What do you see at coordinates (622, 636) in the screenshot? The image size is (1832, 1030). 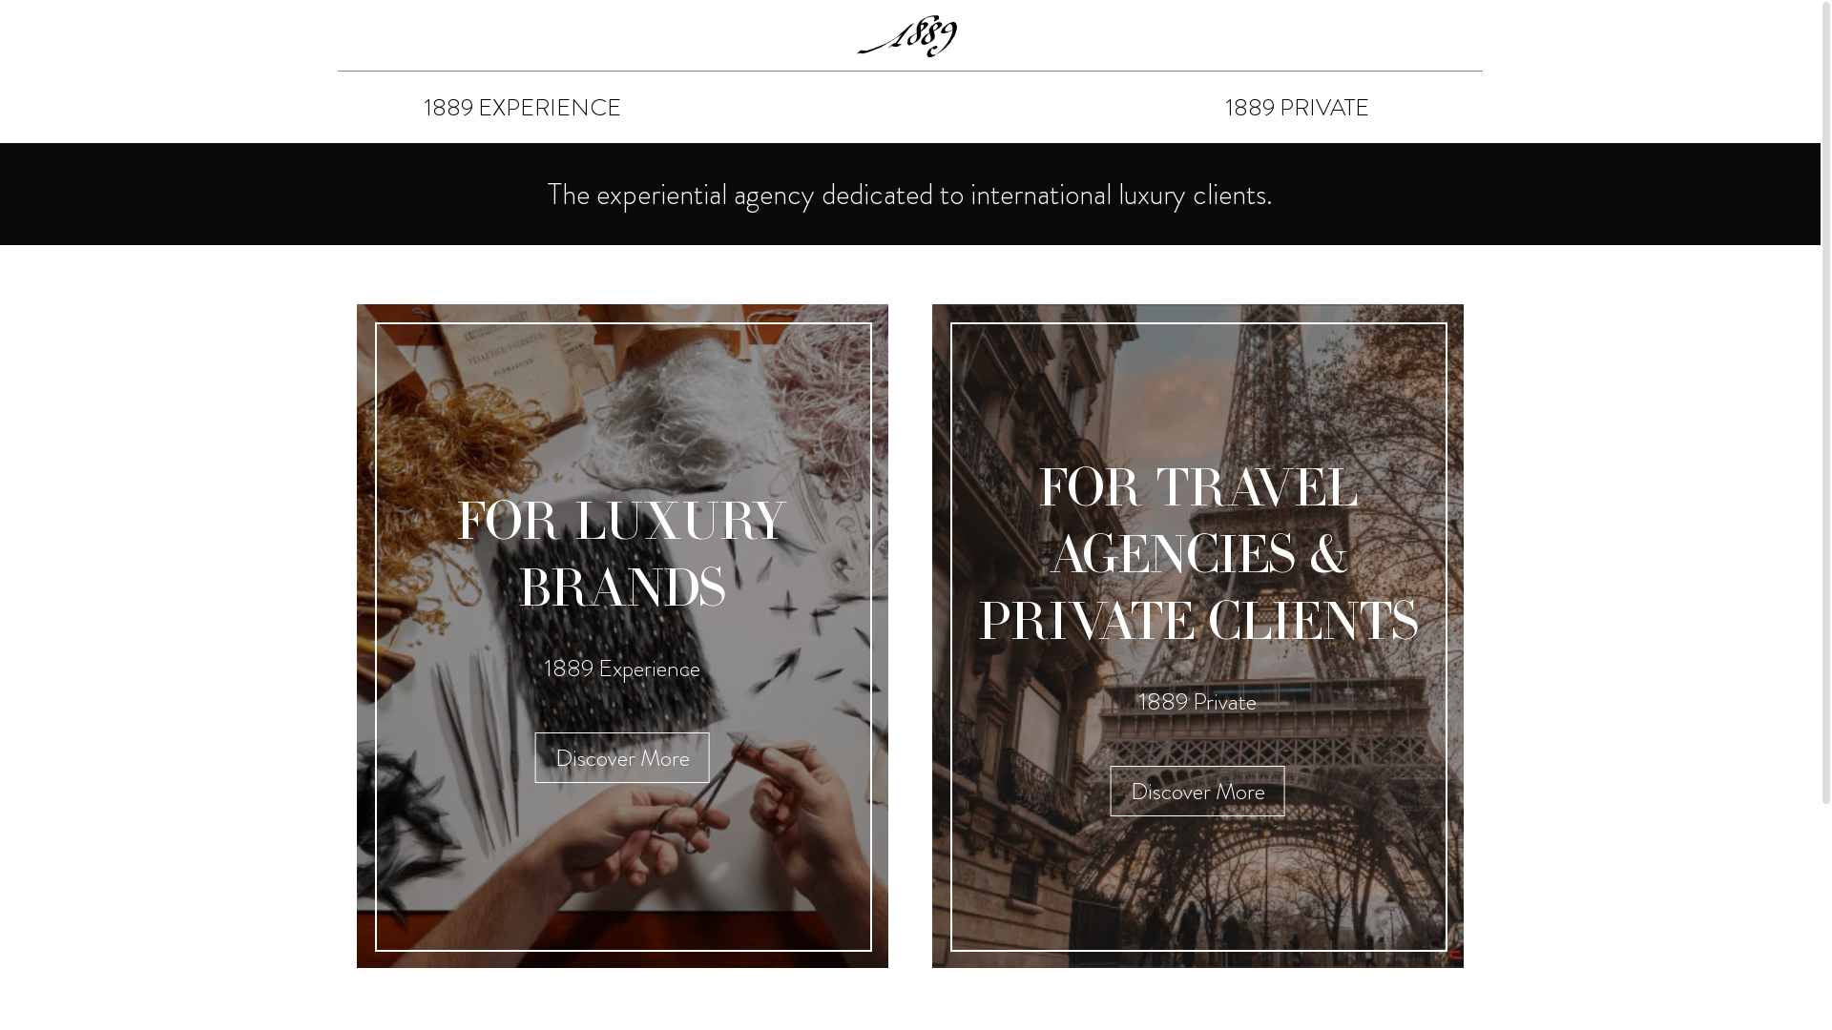 I see `'FOR LUXURY BRANDS` at bounding box center [622, 636].